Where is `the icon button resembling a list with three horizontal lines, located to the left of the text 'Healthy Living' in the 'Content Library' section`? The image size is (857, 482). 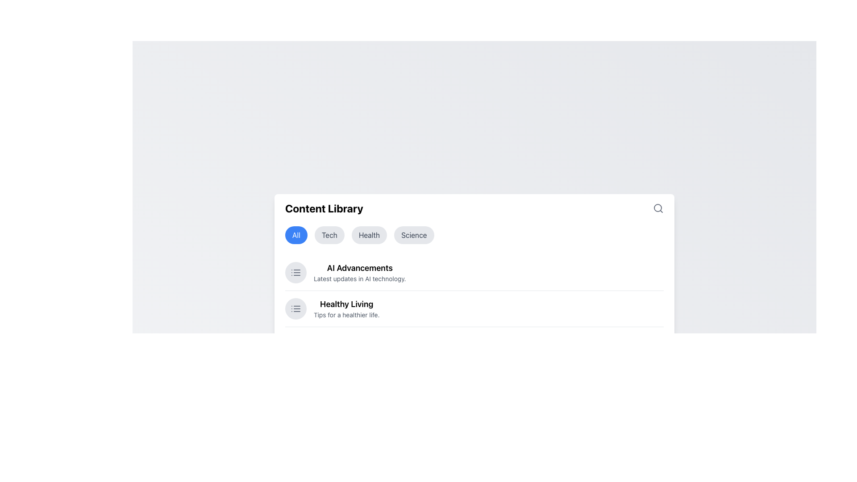 the icon button resembling a list with three horizontal lines, located to the left of the text 'Healthy Living' in the 'Content Library' section is located at coordinates (295, 272).